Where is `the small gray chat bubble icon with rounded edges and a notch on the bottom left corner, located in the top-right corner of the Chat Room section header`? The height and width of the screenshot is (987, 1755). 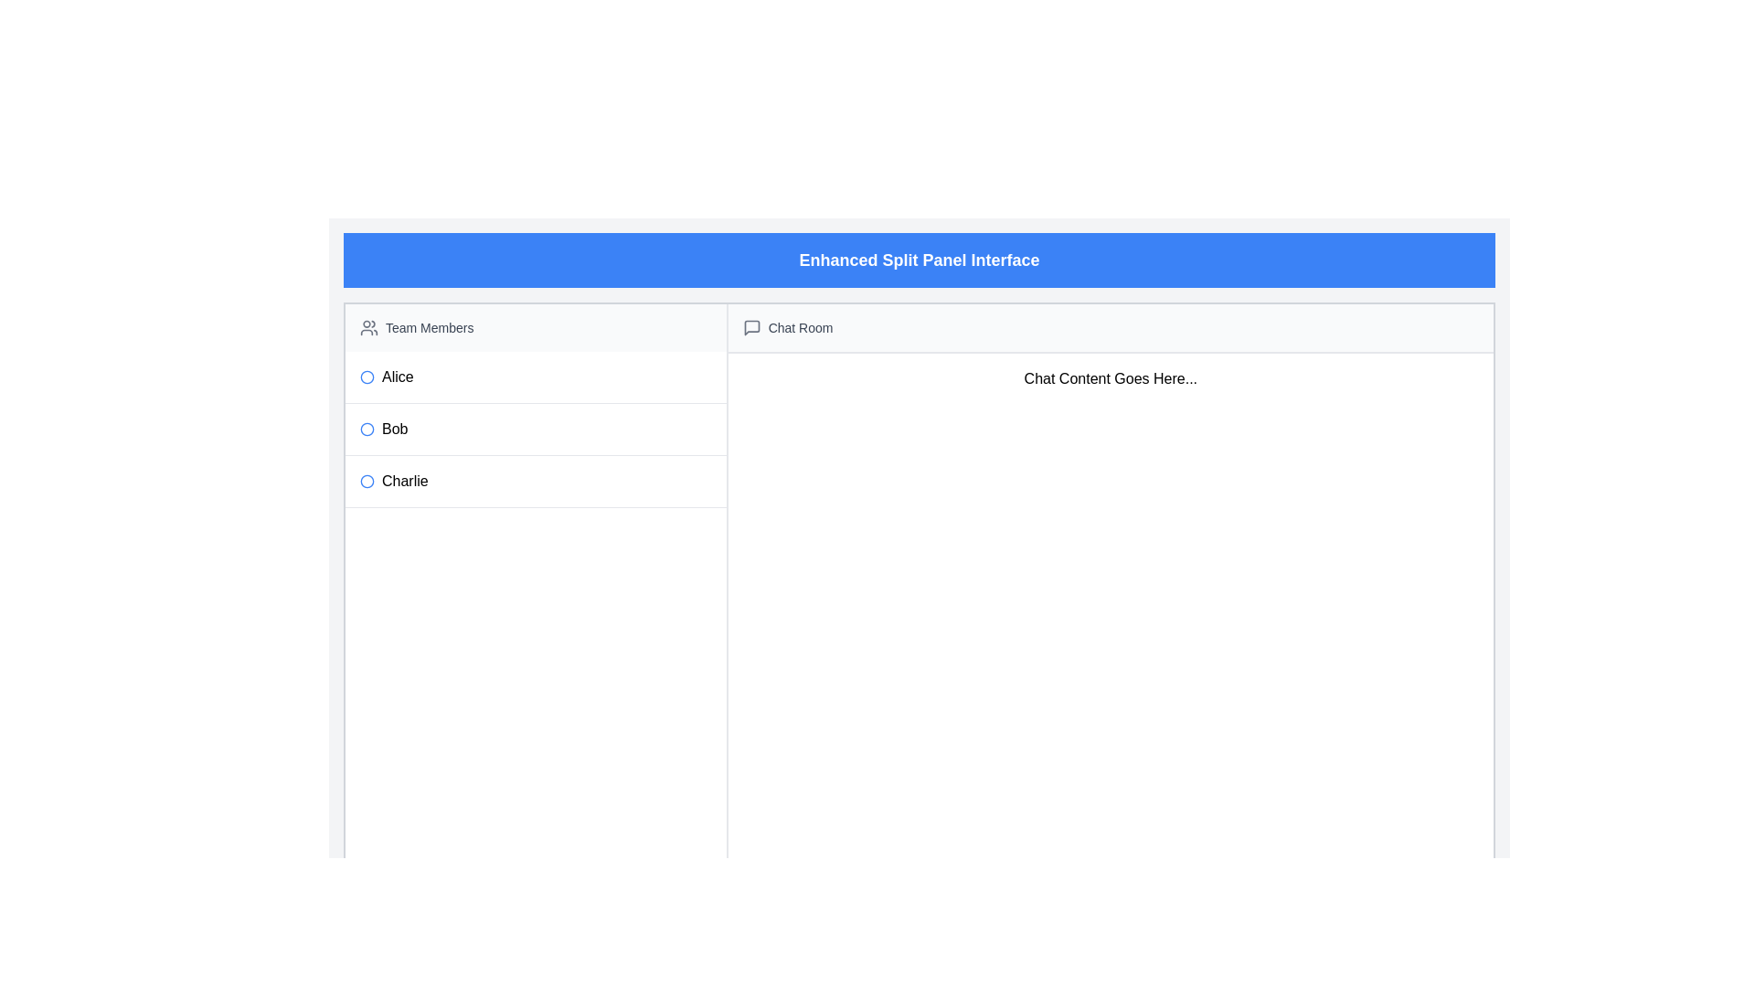 the small gray chat bubble icon with rounded edges and a notch on the bottom left corner, located in the top-right corner of the Chat Room section header is located at coordinates (751, 326).